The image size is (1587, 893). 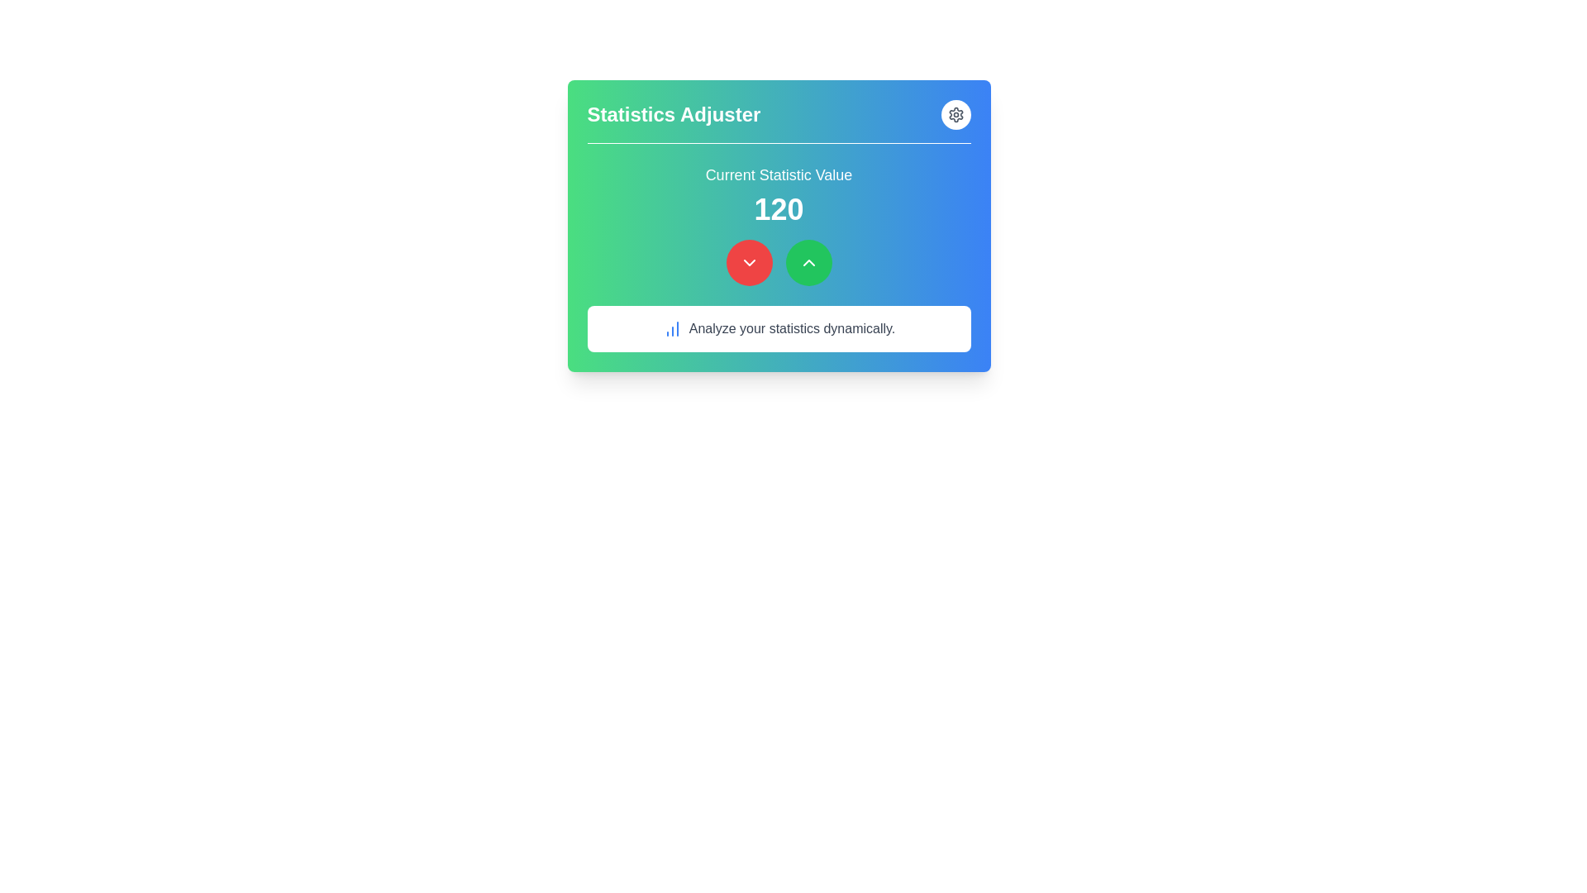 What do you see at coordinates (778, 328) in the screenshot?
I see `the Text-based information panel that contains the blue chart icon and the text 'Analyze your statistics dynamically.'` at bounding box center [778, 328].